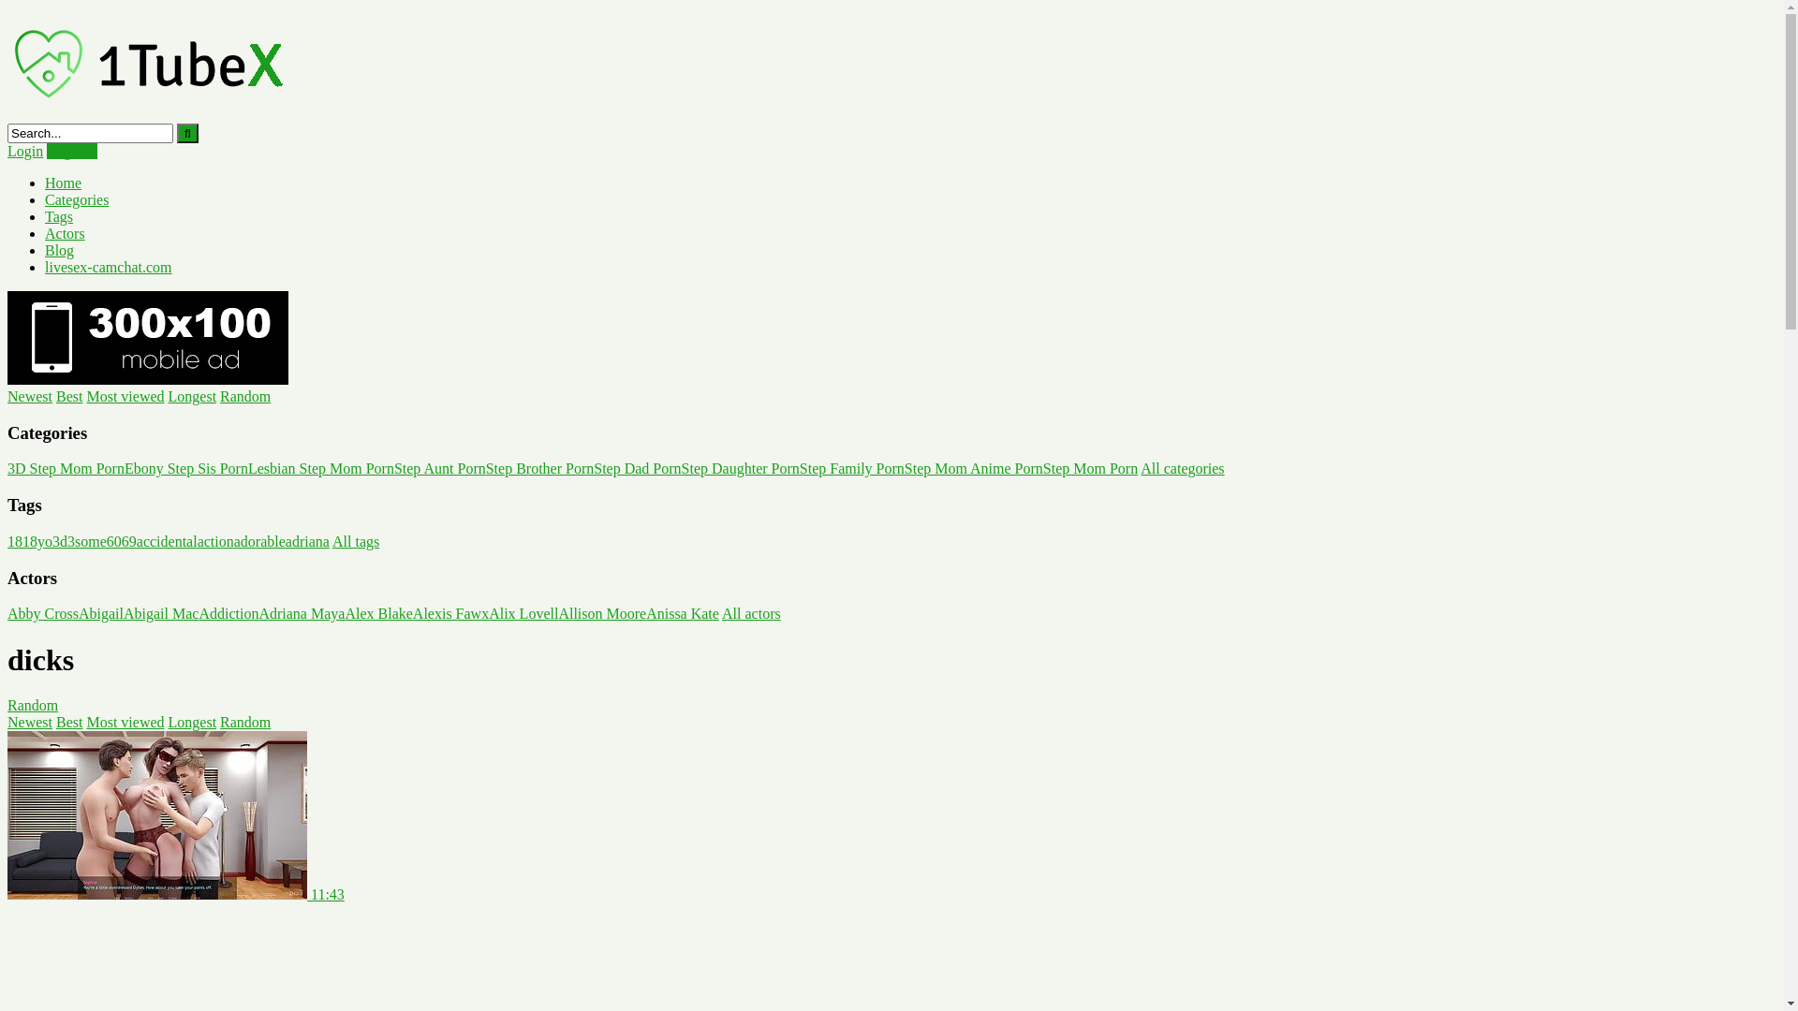 This screenshot has height=1011, width=1798. Describe the element at coordinates (355, 541) in the screenshot. I see `'All tags'` at that location.